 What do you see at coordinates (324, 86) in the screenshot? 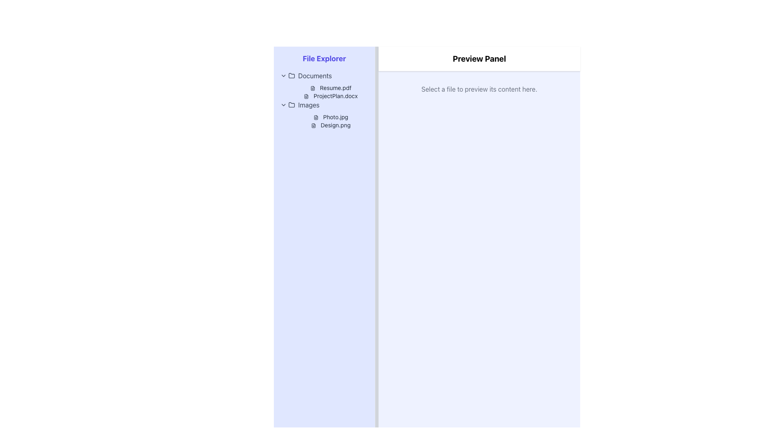
I see `the List Item Group displaying files in the 'Documents' folder located in the left pane of the interface` at bounding box center [324, 86].